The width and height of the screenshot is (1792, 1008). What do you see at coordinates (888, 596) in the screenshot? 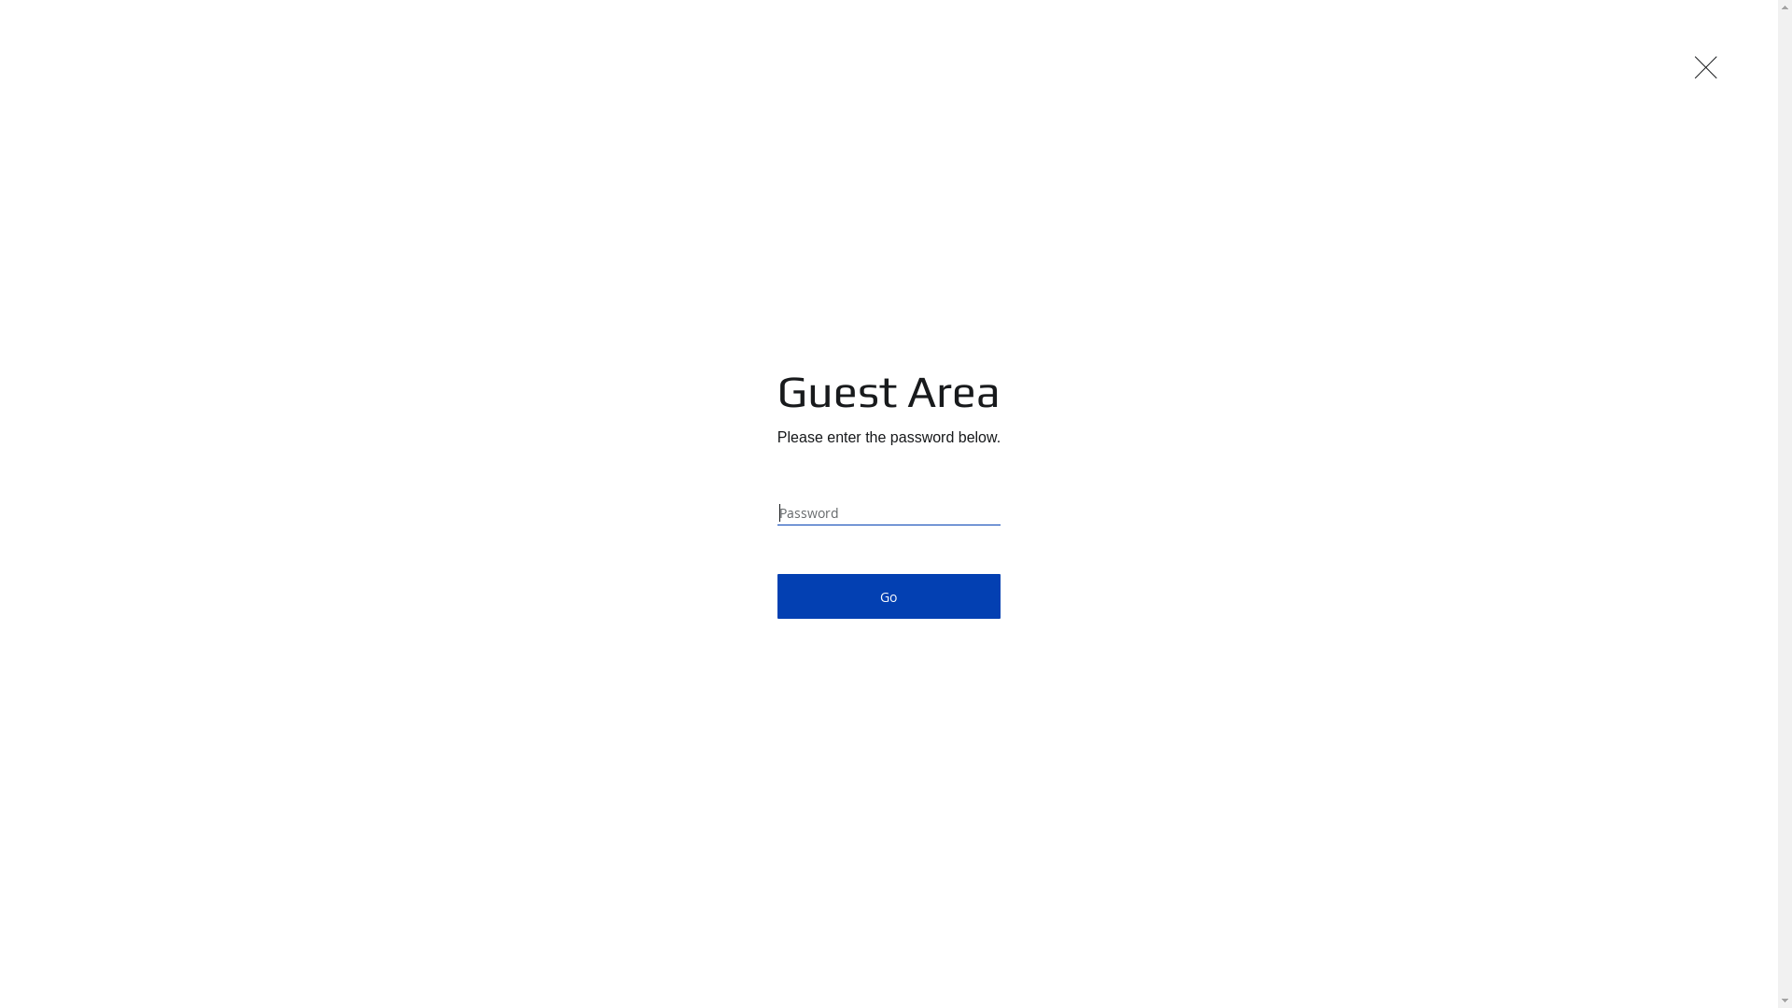
I see `'Go'` at bounding box center [888, 596].